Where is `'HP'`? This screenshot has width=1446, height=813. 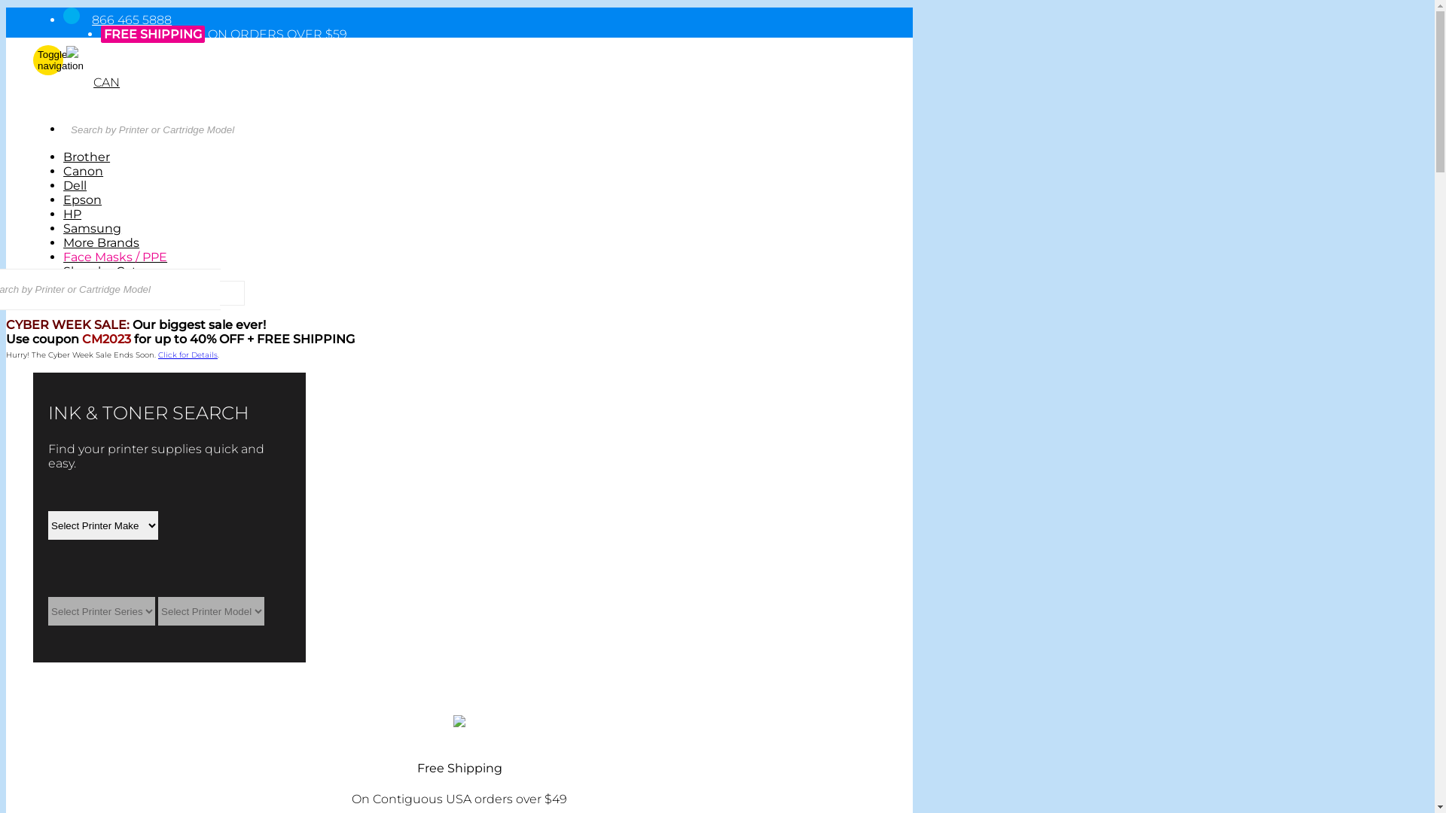
'HP' is located at coordinates (62, 214).